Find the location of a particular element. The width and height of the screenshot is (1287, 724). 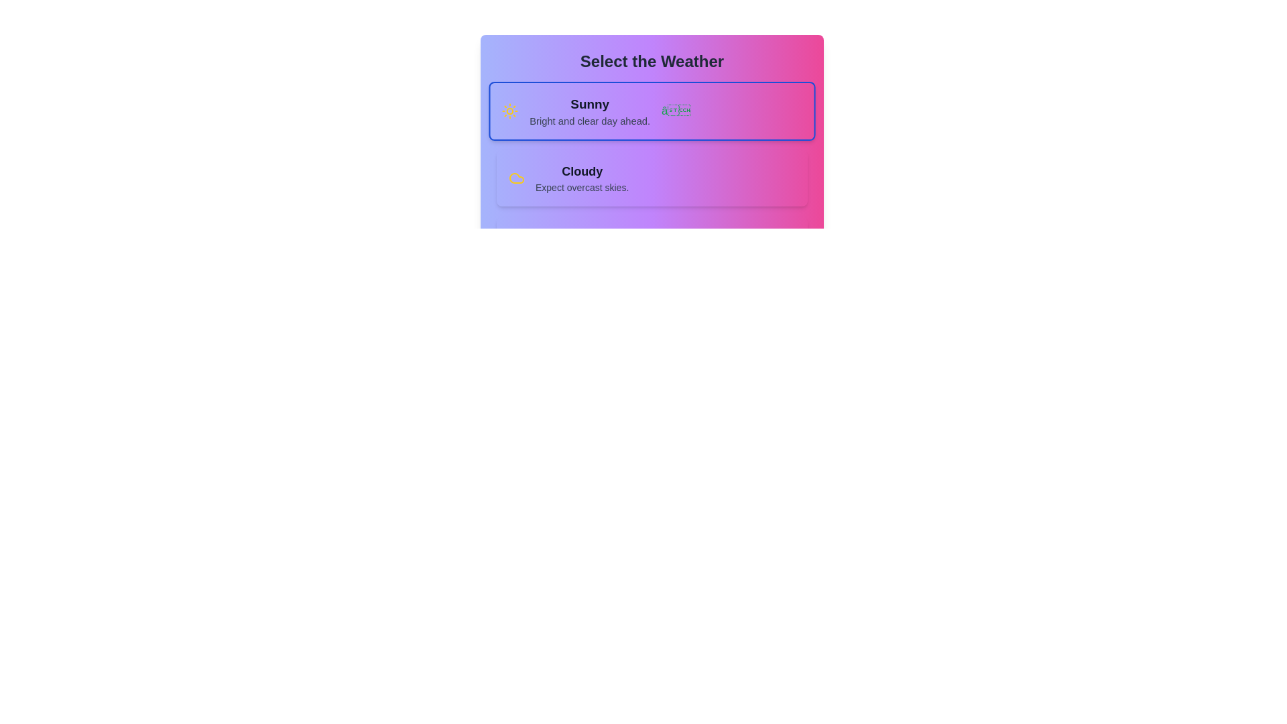

the checkmark icon indicating confirmation or selection status, which is positioned within the card labeled 'Sunny' at the far right, slightly above the middle line is located at coordinates (670, 110).